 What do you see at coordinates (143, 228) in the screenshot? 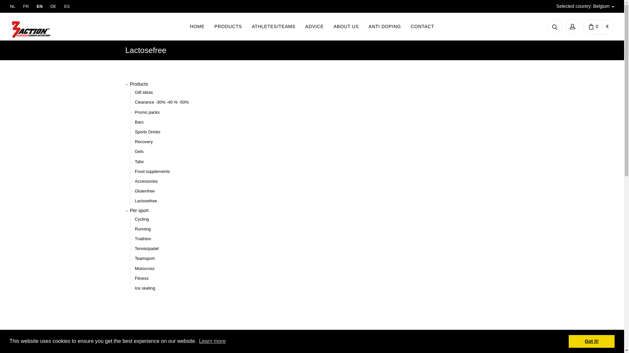
I see `'Running'` at bounding box center [143, 228].